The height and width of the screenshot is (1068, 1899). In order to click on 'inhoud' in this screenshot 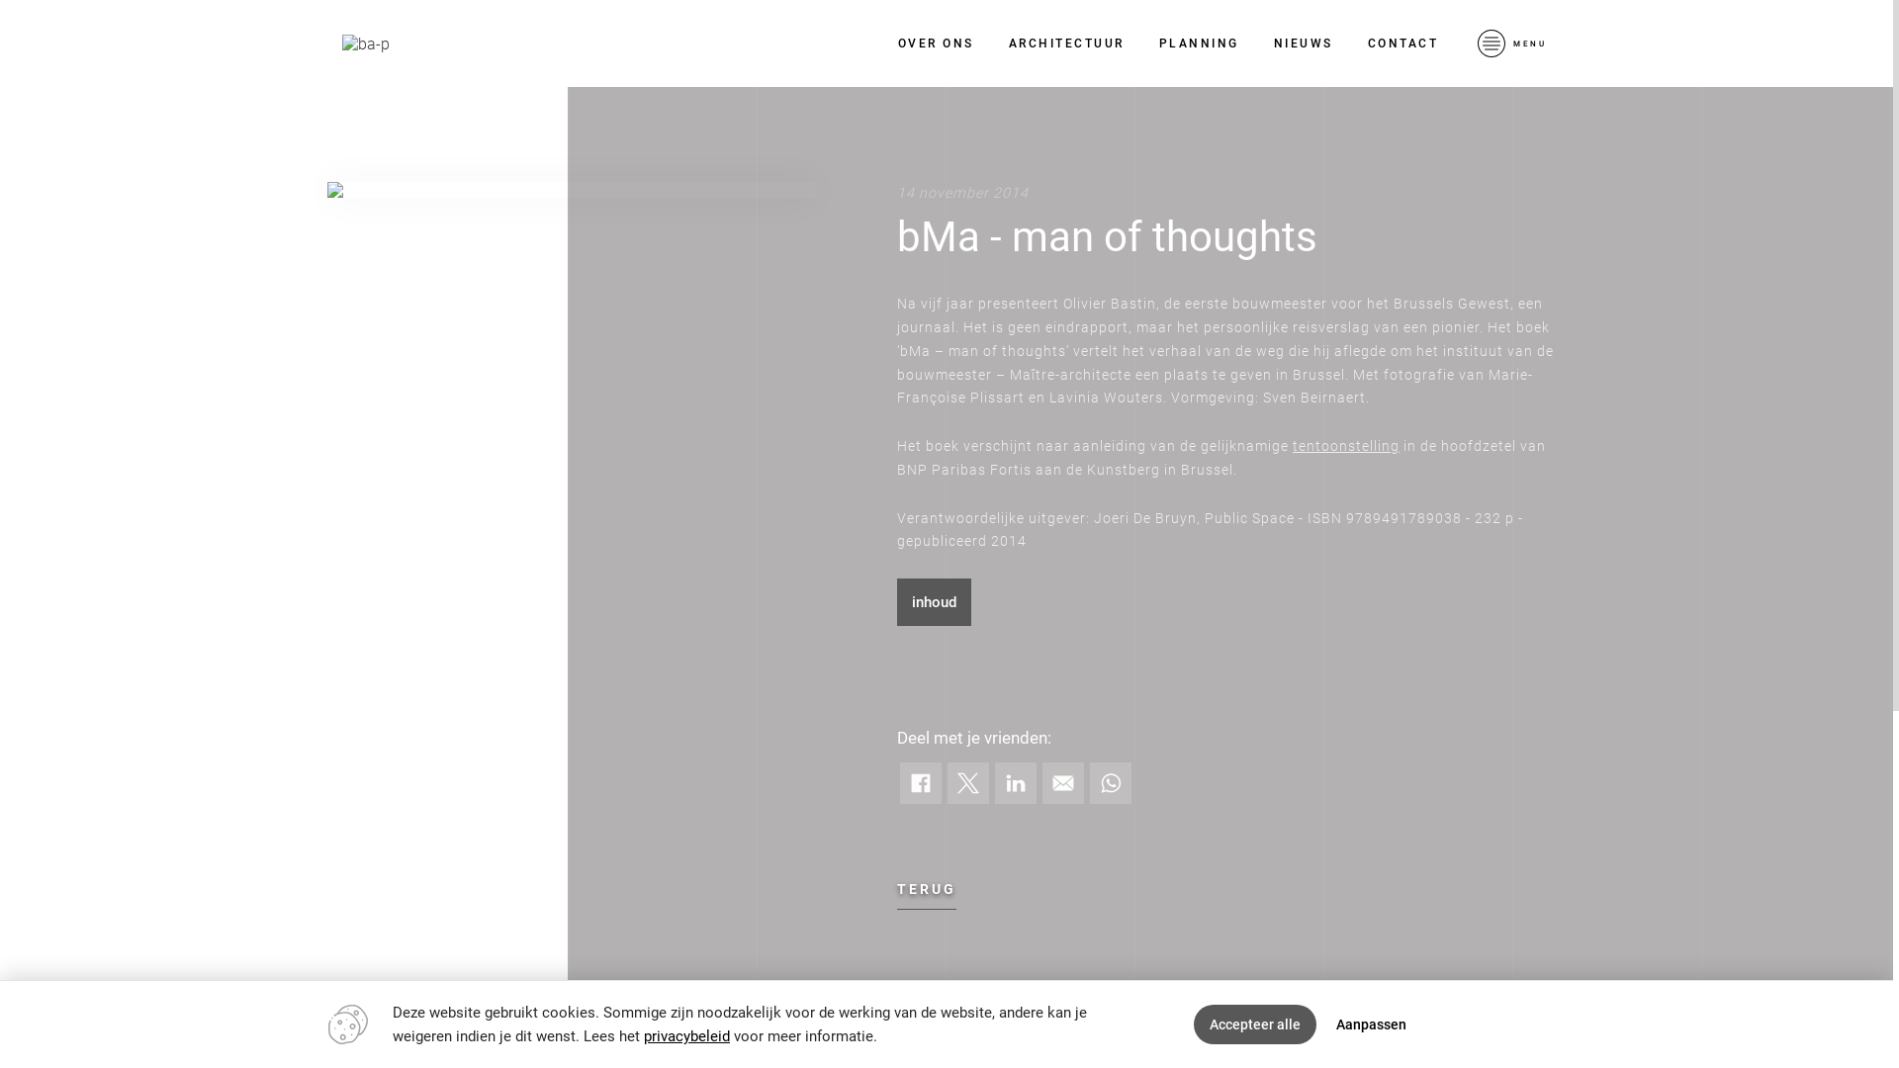, I will do `click(896, 601)`.